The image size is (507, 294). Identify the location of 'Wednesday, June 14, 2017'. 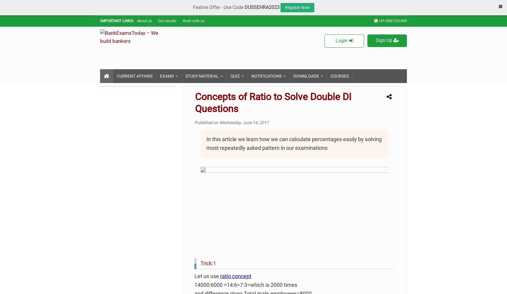
(219, 122).